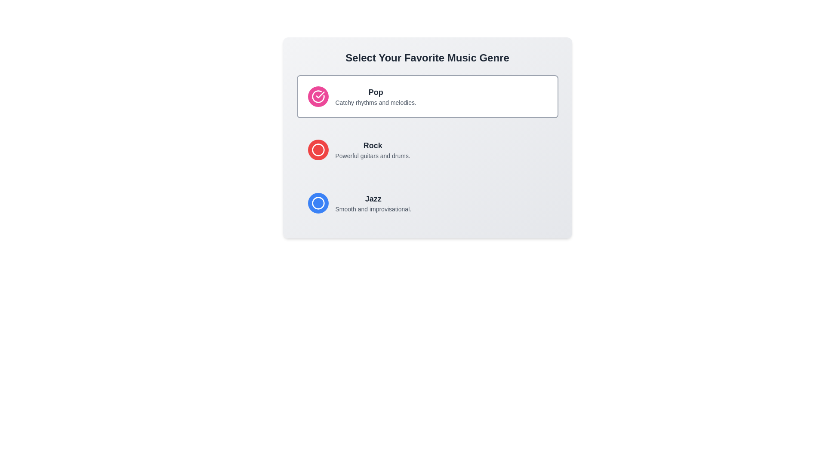 The image size is (826, 464). What do you see at coordinates (320, 95) in the screenshot?
I see `the checkmark icon representing the selected state for the 'Pop' music genre, which is located within the pink circular icon next to the text 'Pop'` at bounding box center [320, 95].